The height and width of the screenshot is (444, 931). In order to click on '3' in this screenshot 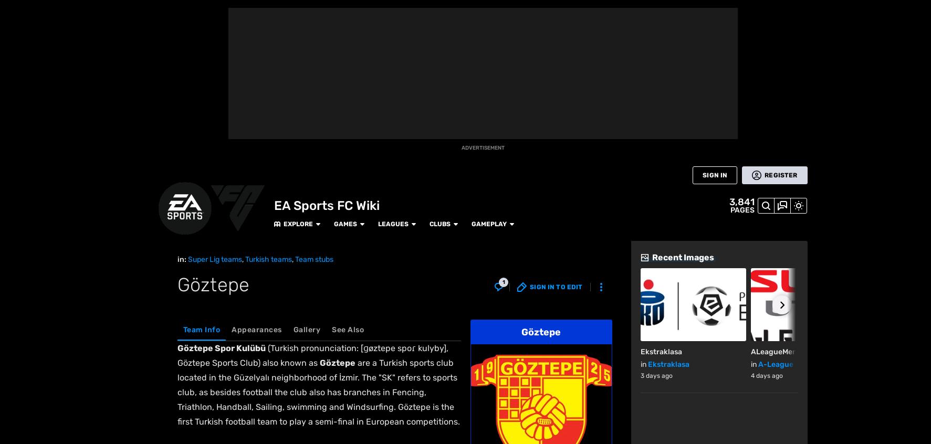, I will do `click(196, 369)`.